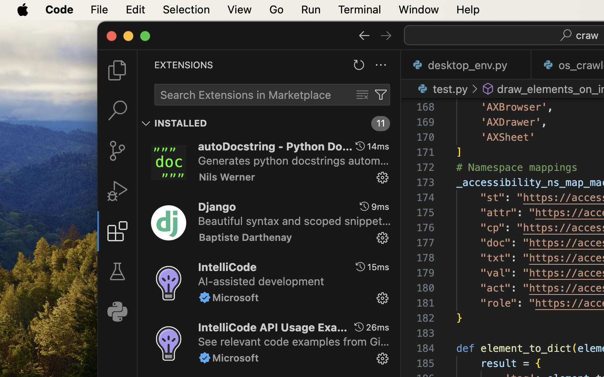  I want to click on '26ms', so click(377, 327).